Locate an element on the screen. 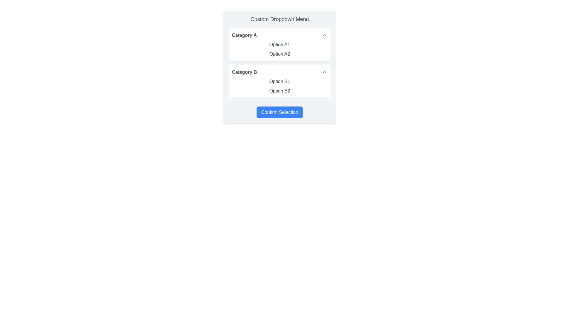  the first selectable option in the dropdown menu labeled 'Category B' to change its color is located at coordinates (279, 81).